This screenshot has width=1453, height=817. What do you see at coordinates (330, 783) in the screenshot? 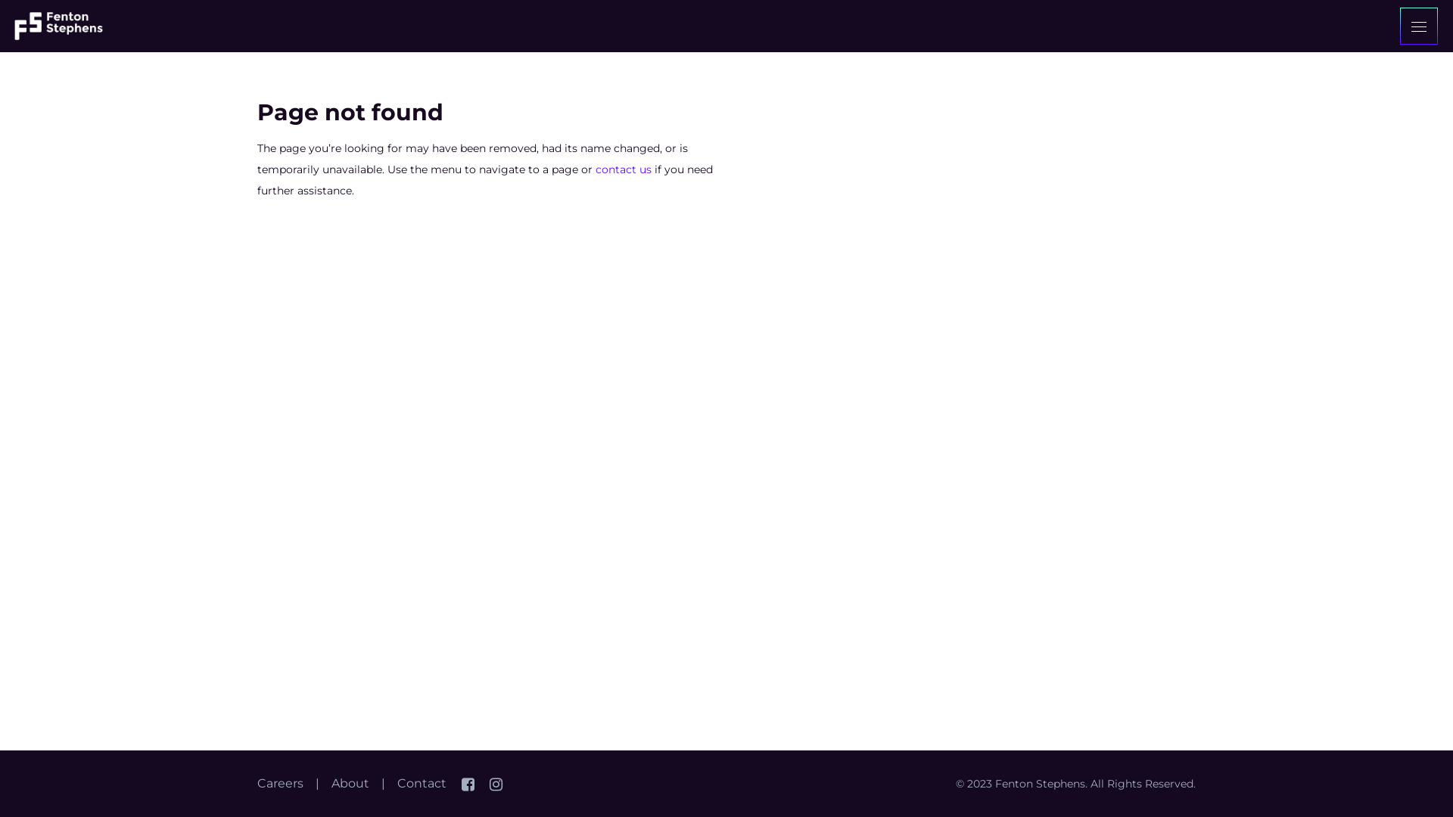
I see `'About'` at bounding box center [330, 783].